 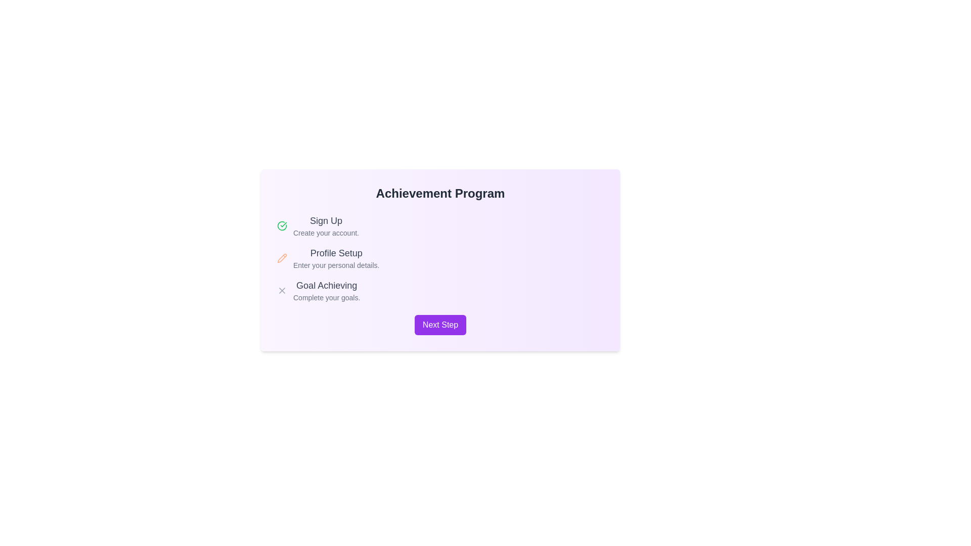 I want to click on attention on the 'Profile Setup' text label, so click(x=336, y=257).